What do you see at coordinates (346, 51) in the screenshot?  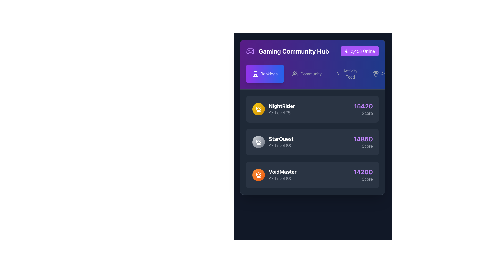 I see `the Icon button located in the top-middle-right corner of the navigation bar` at bounding box center [346, 51].